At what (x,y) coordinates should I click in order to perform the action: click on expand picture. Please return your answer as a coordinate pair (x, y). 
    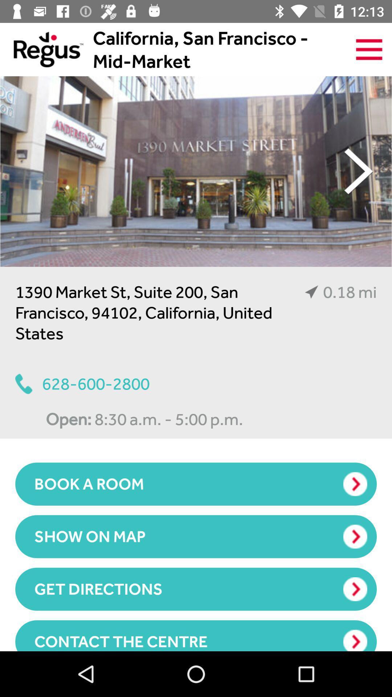
    Looking at the image, I should click on (196, 171).